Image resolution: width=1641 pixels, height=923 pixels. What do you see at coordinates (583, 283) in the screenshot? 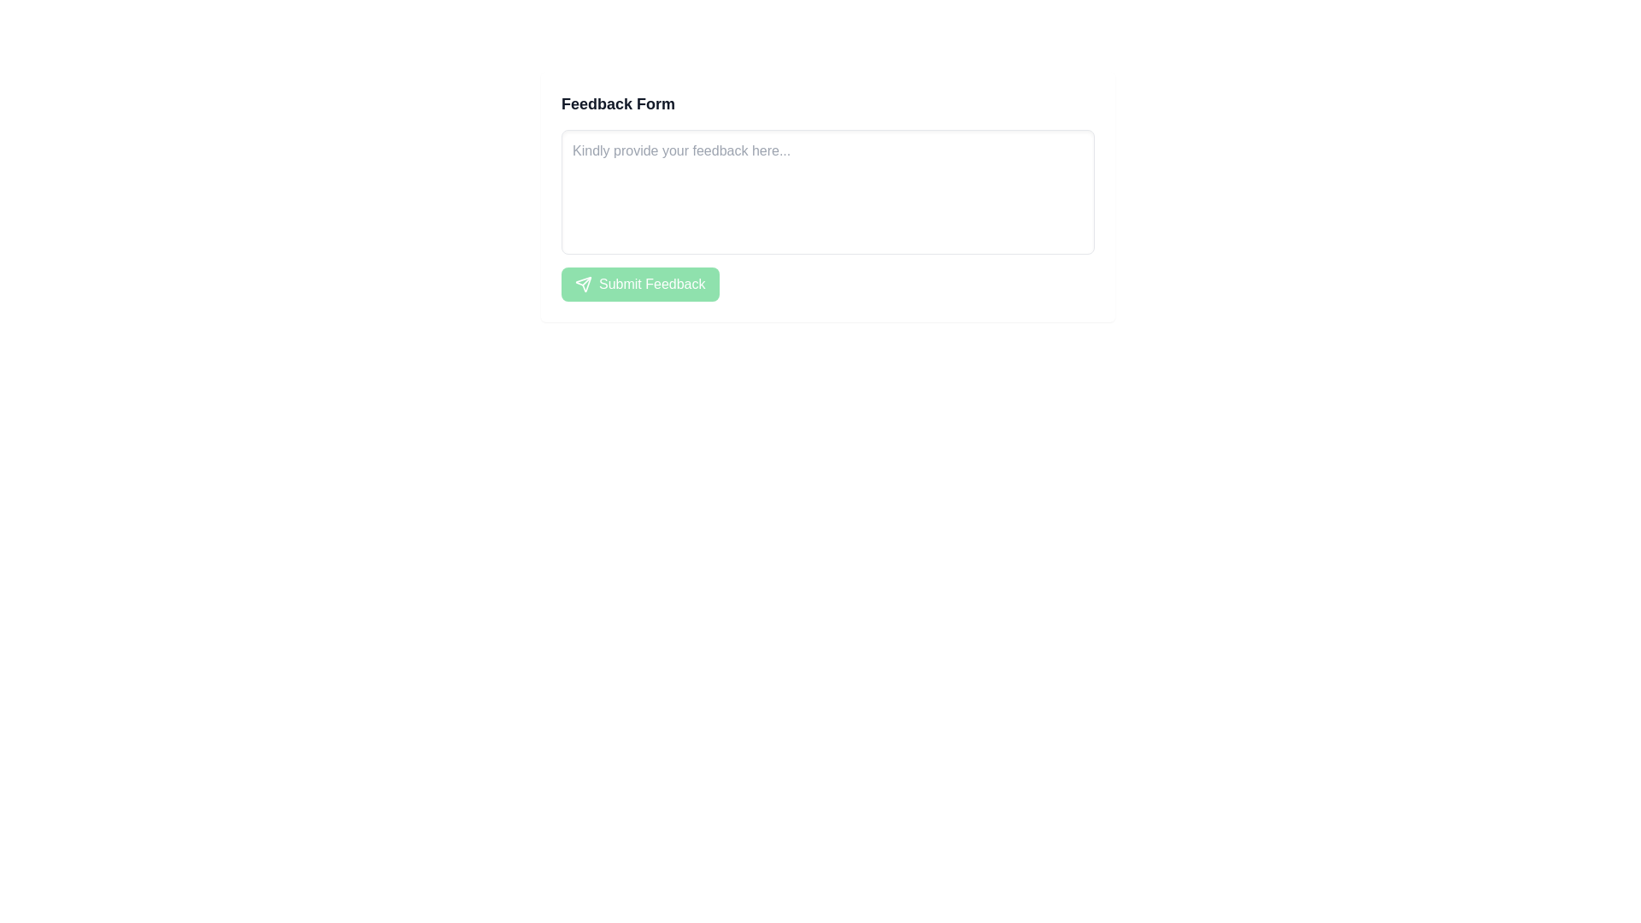
I see `the 'Submit Feedback' button by clicking on the decorative icon located at the leftmost position within the button, just before the text label` at bounding box center [583, 283].